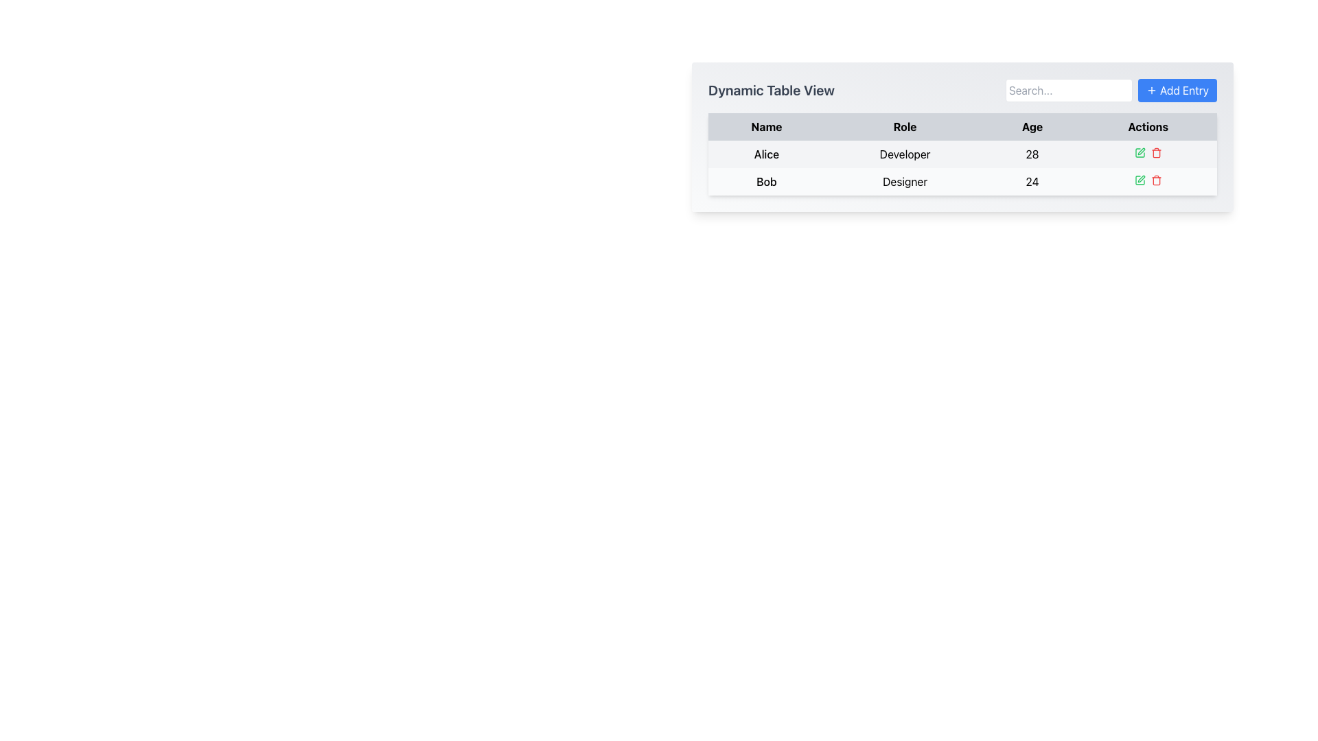 This screenshot has height=741, width=1318. I want to click on the 'Add Entry' button, so click(1177, 90).